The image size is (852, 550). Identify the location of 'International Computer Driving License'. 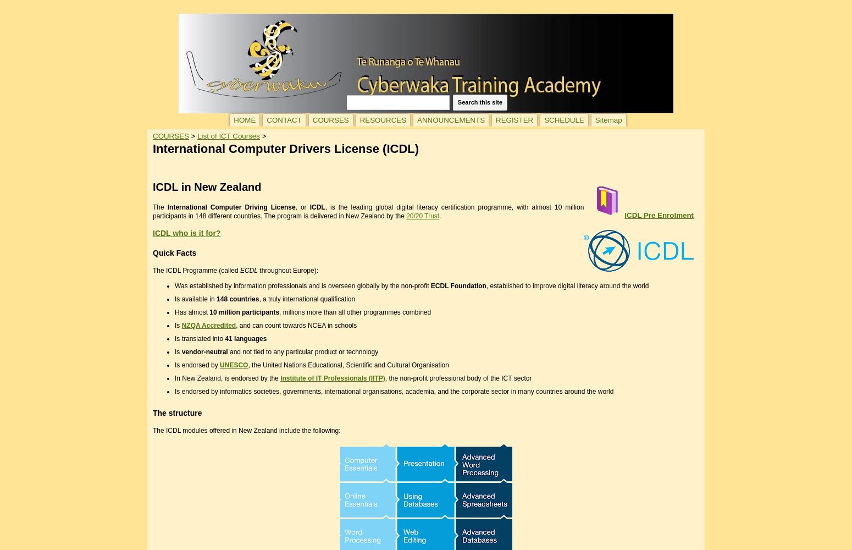
(231, 207).